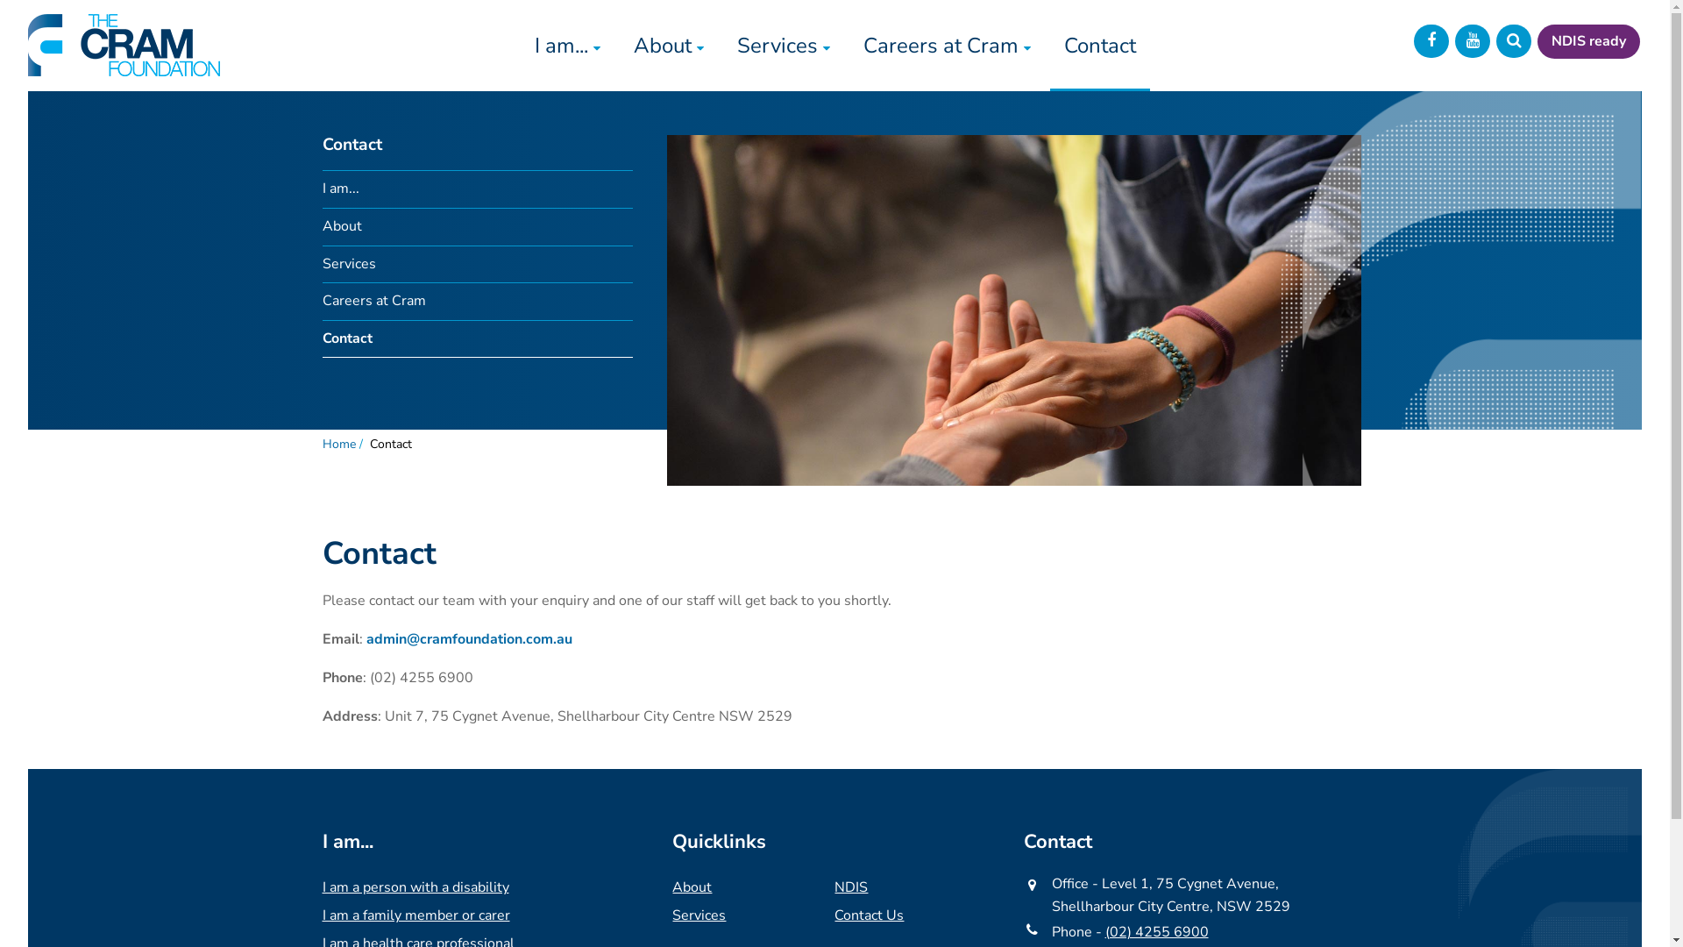 This screenshot has height=947, width=1683. Describe the element at coordinates (691, 886) in the screenshot. I see `'About'` at that location.